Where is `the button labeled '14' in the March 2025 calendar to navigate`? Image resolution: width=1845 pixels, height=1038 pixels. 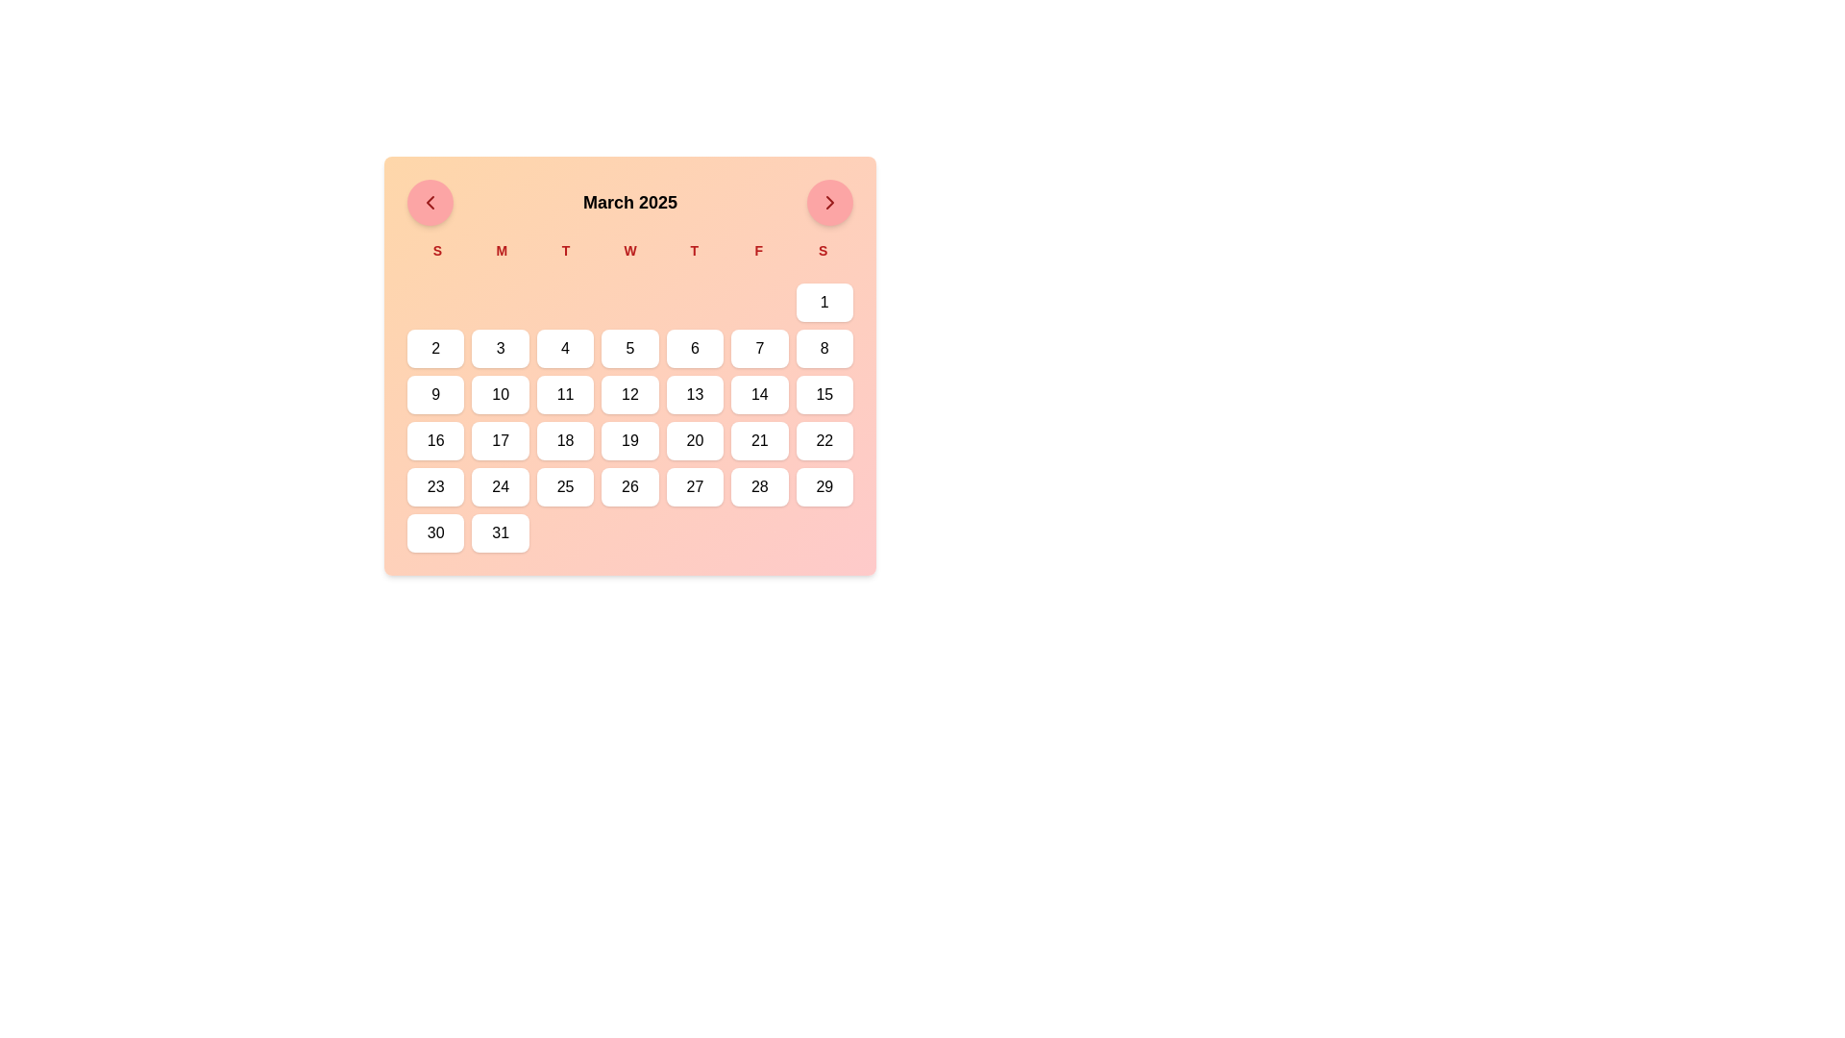 the button labeled '14' in the March 2025 calendar to navigate is located at coordinates (758, 394).